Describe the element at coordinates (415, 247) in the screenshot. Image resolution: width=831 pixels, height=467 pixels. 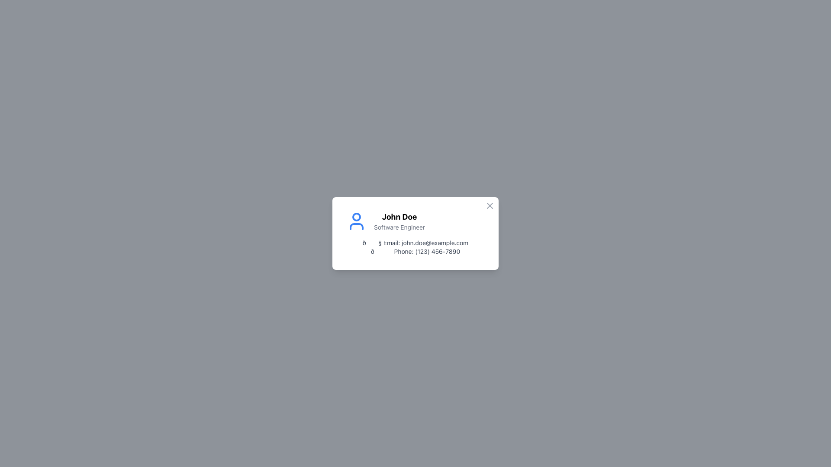
I see `the Text Block displaying contact information for 'John Doe', located below the name and title information` at that location.